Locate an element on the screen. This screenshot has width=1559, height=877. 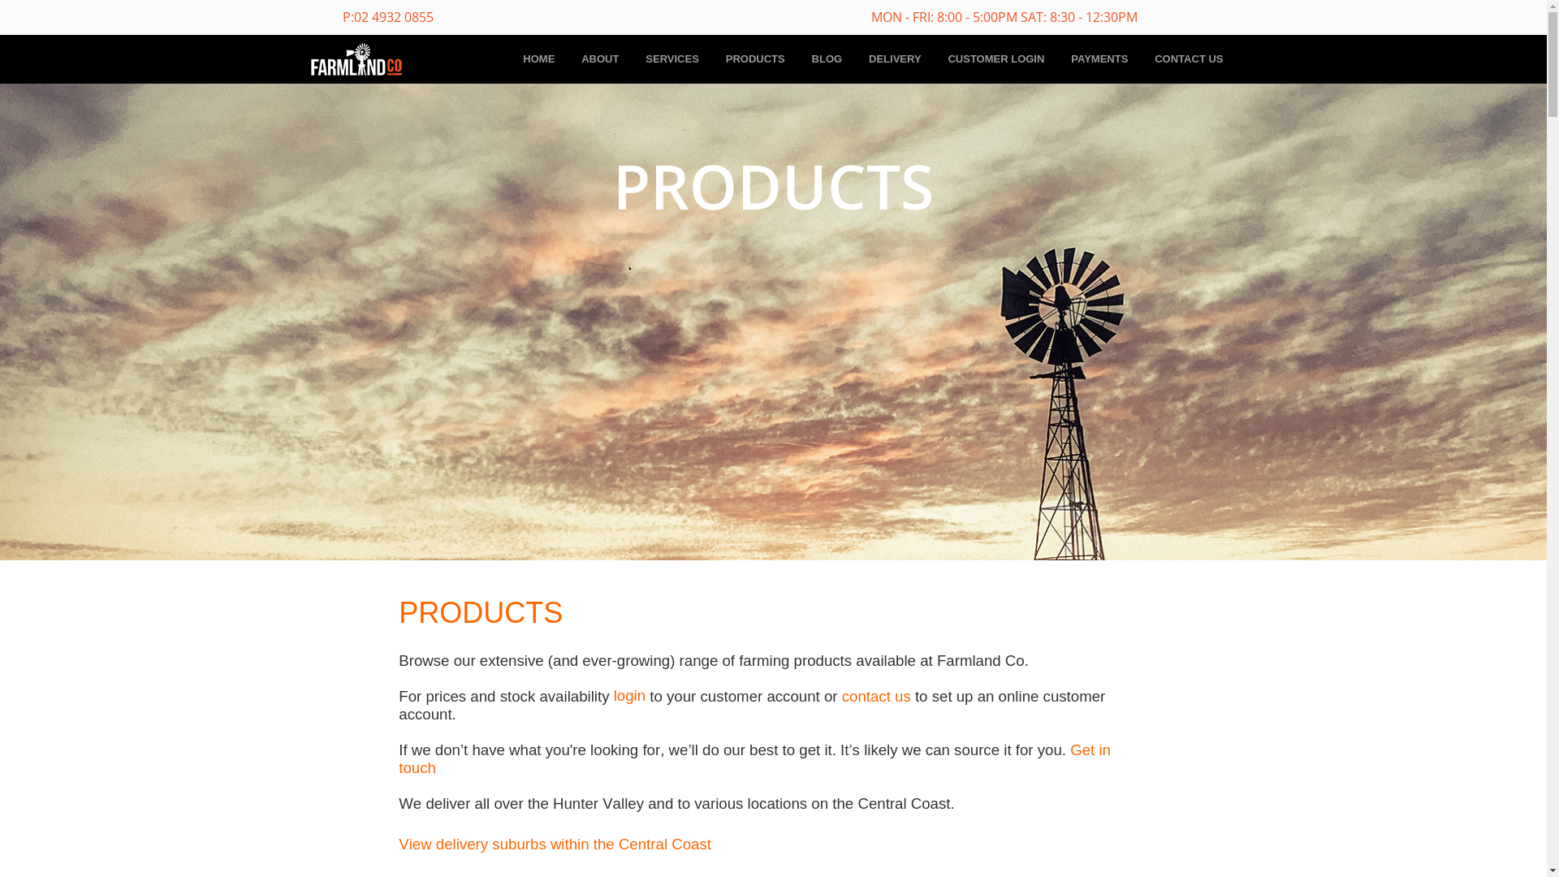
'ABOUT' is located at coordinates (599, 58).